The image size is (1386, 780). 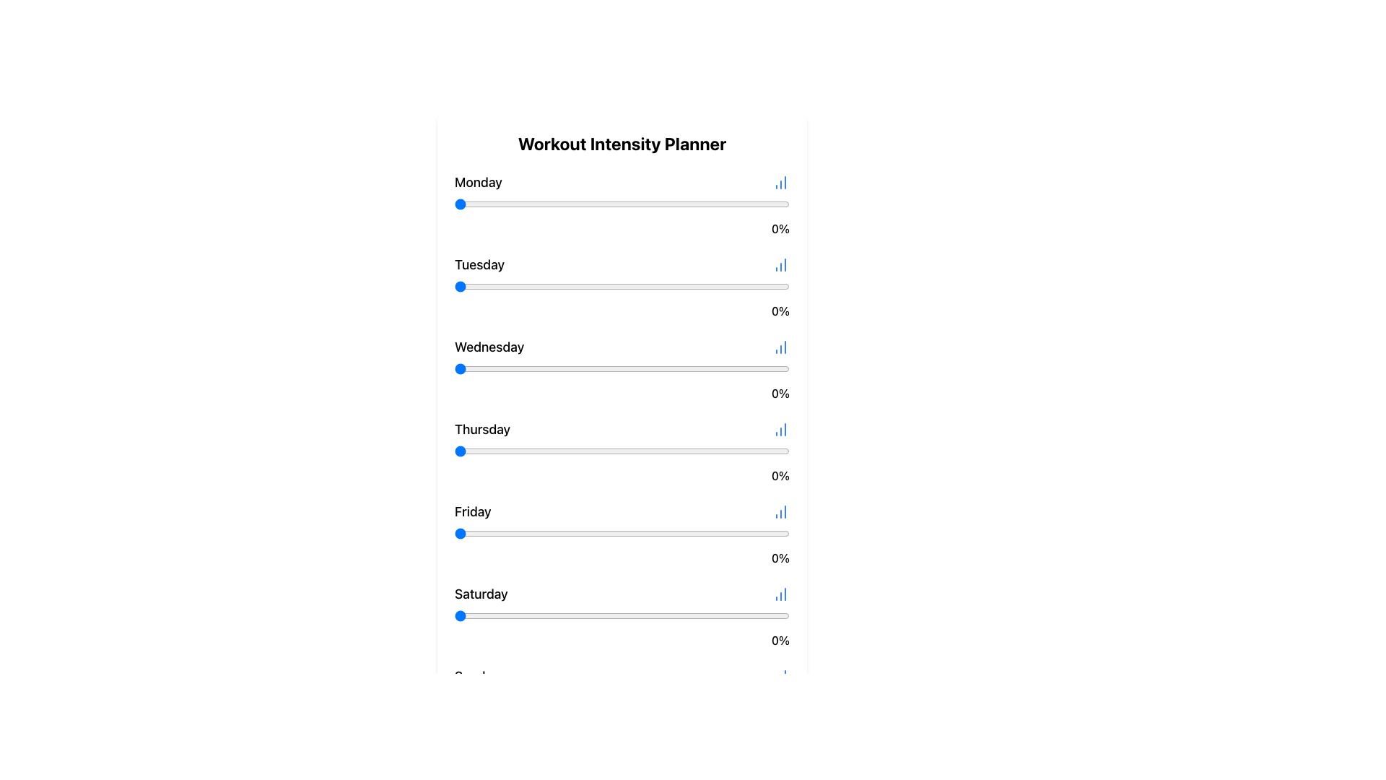 What do you see at coordinates (709, 204) in the screenshot?
I see `Monday's intensity` at bounding box center [709, 204].